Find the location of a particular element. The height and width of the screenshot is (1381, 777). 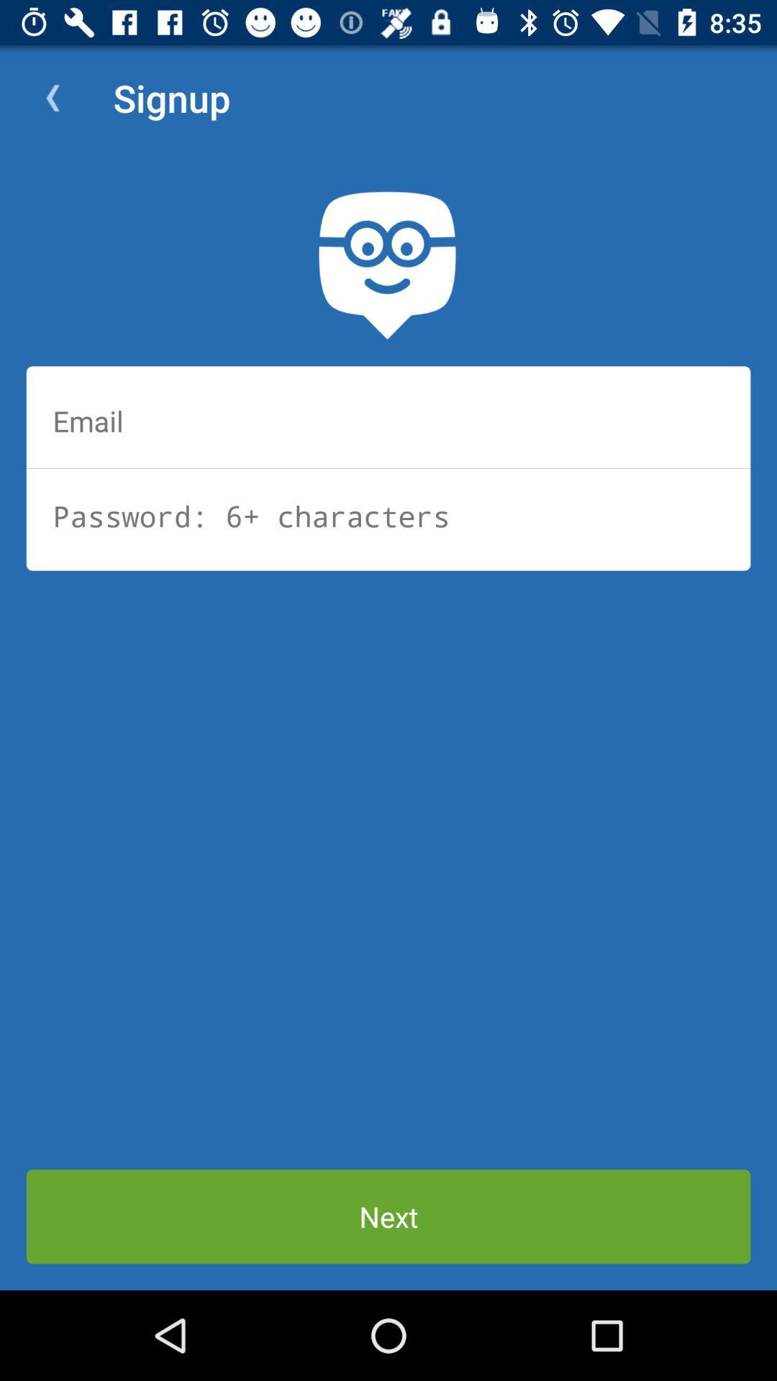

emails available is located at coordinates (388, 420).